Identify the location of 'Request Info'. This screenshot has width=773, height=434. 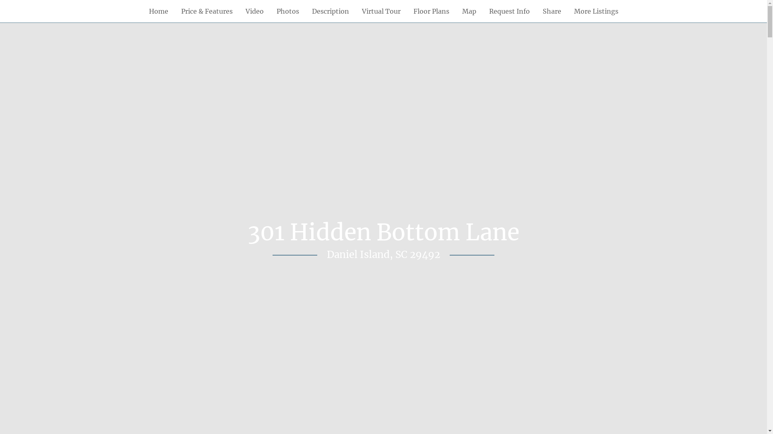
(508, 11).